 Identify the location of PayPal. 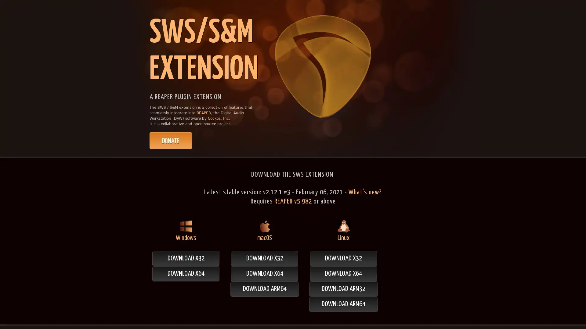
(171, 140).